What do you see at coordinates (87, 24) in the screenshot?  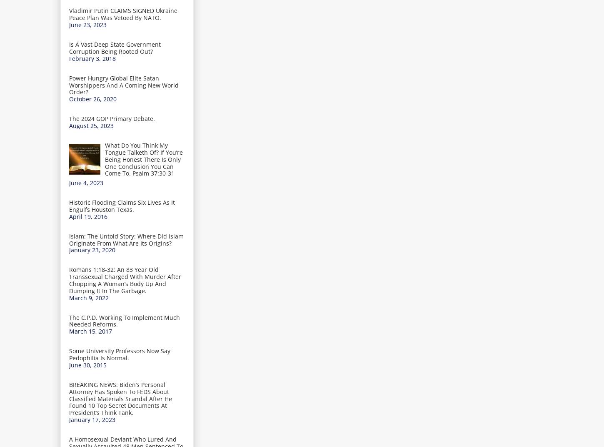 I see `'June 23, 2023'` at bounding box center [87, 24].